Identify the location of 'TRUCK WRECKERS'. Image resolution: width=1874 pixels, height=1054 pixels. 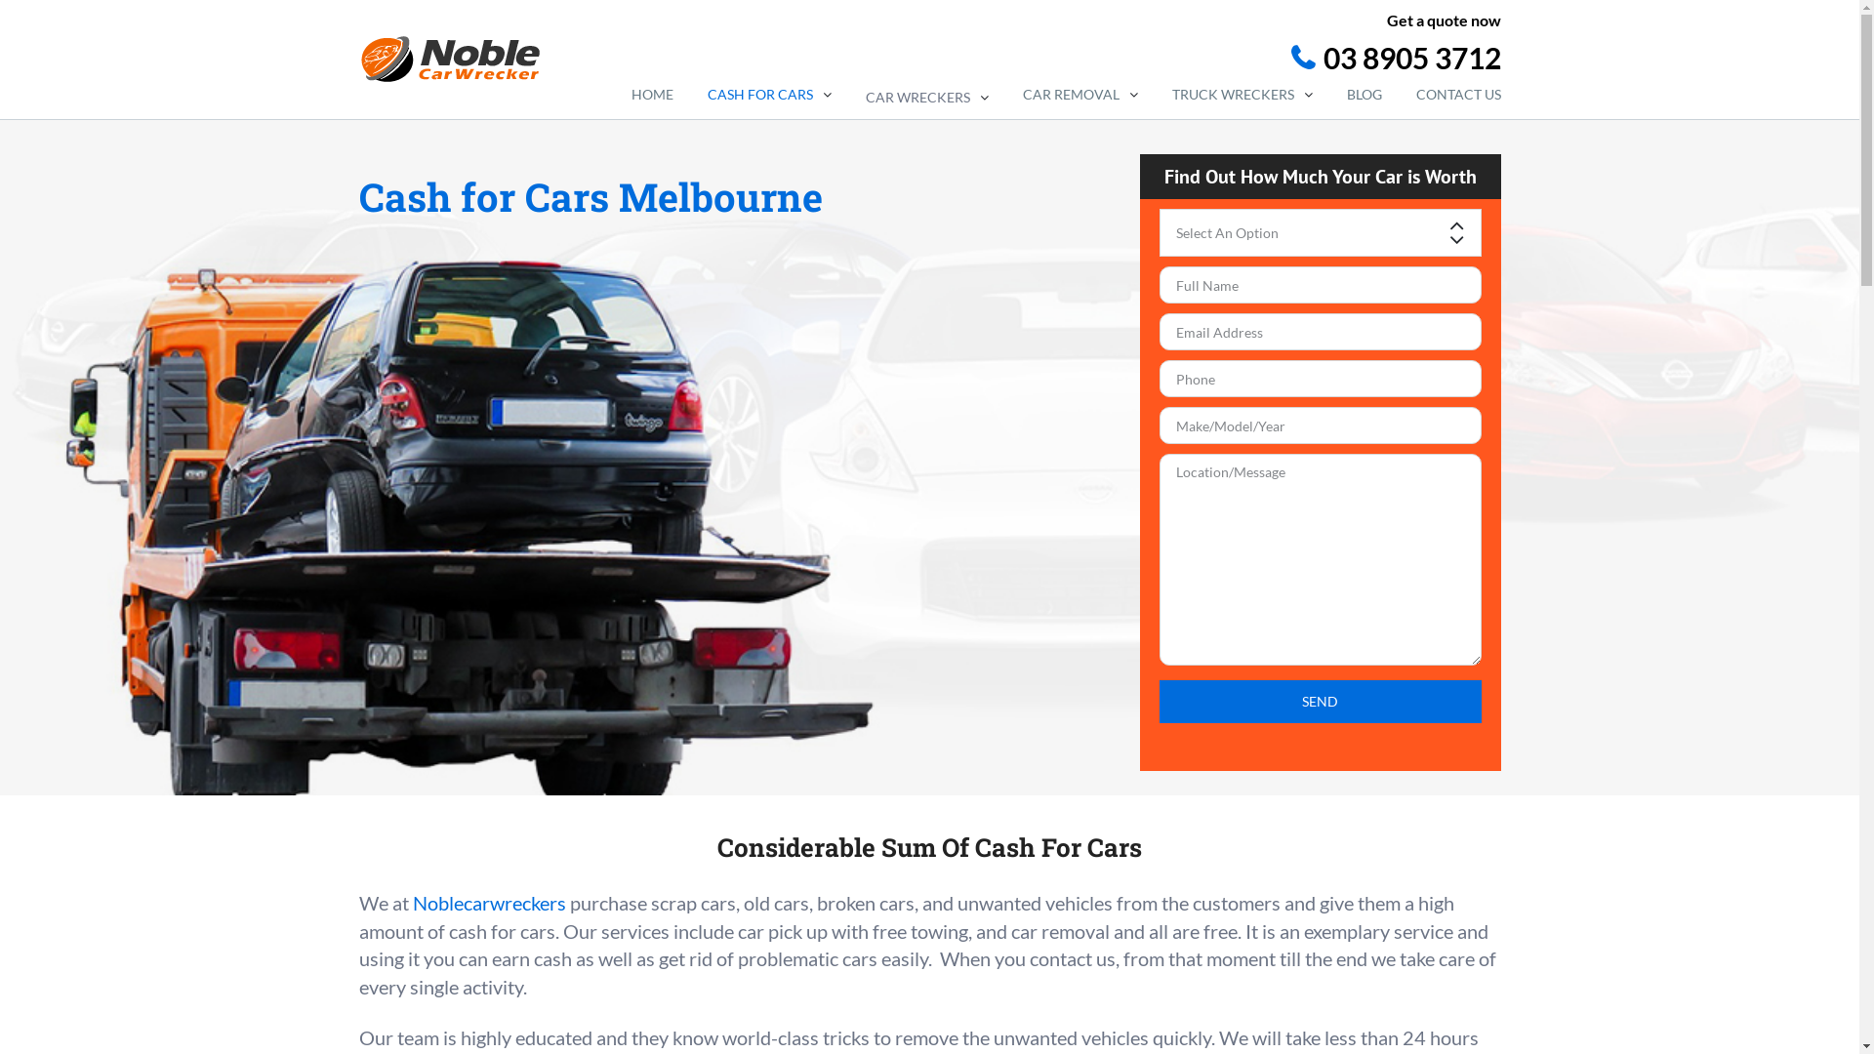
(1241, 94).